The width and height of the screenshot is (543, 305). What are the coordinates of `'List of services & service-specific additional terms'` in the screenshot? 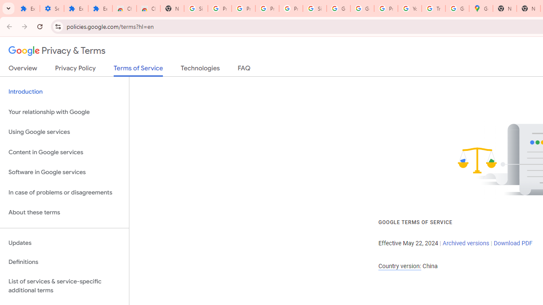 It's located at (64, 286).